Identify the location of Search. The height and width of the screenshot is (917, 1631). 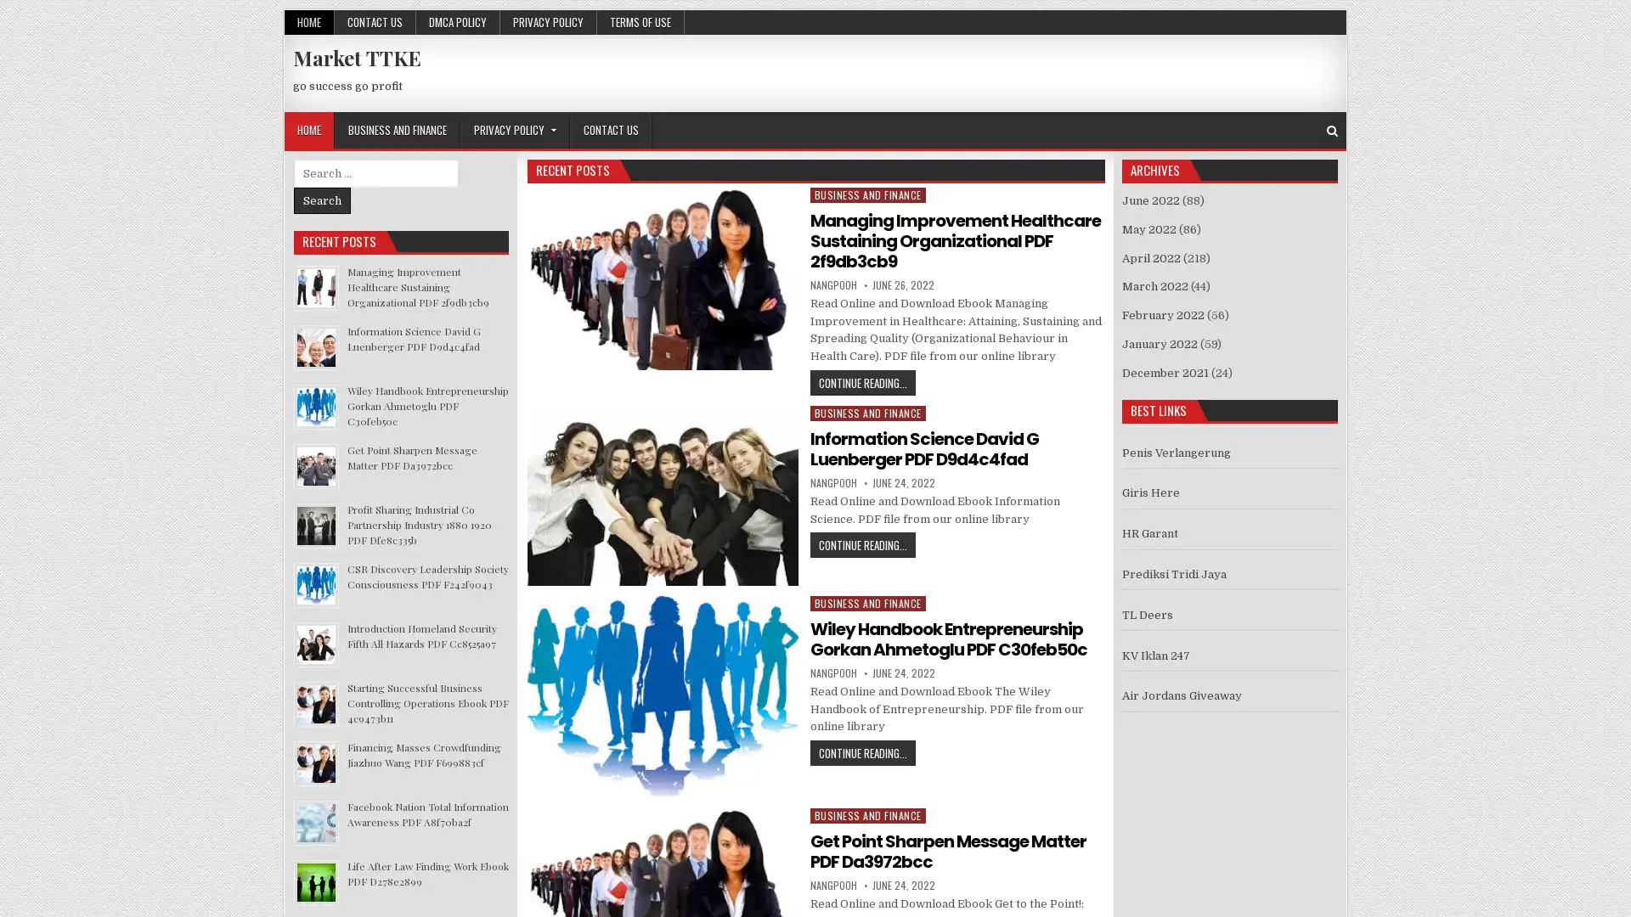
(321, 200).